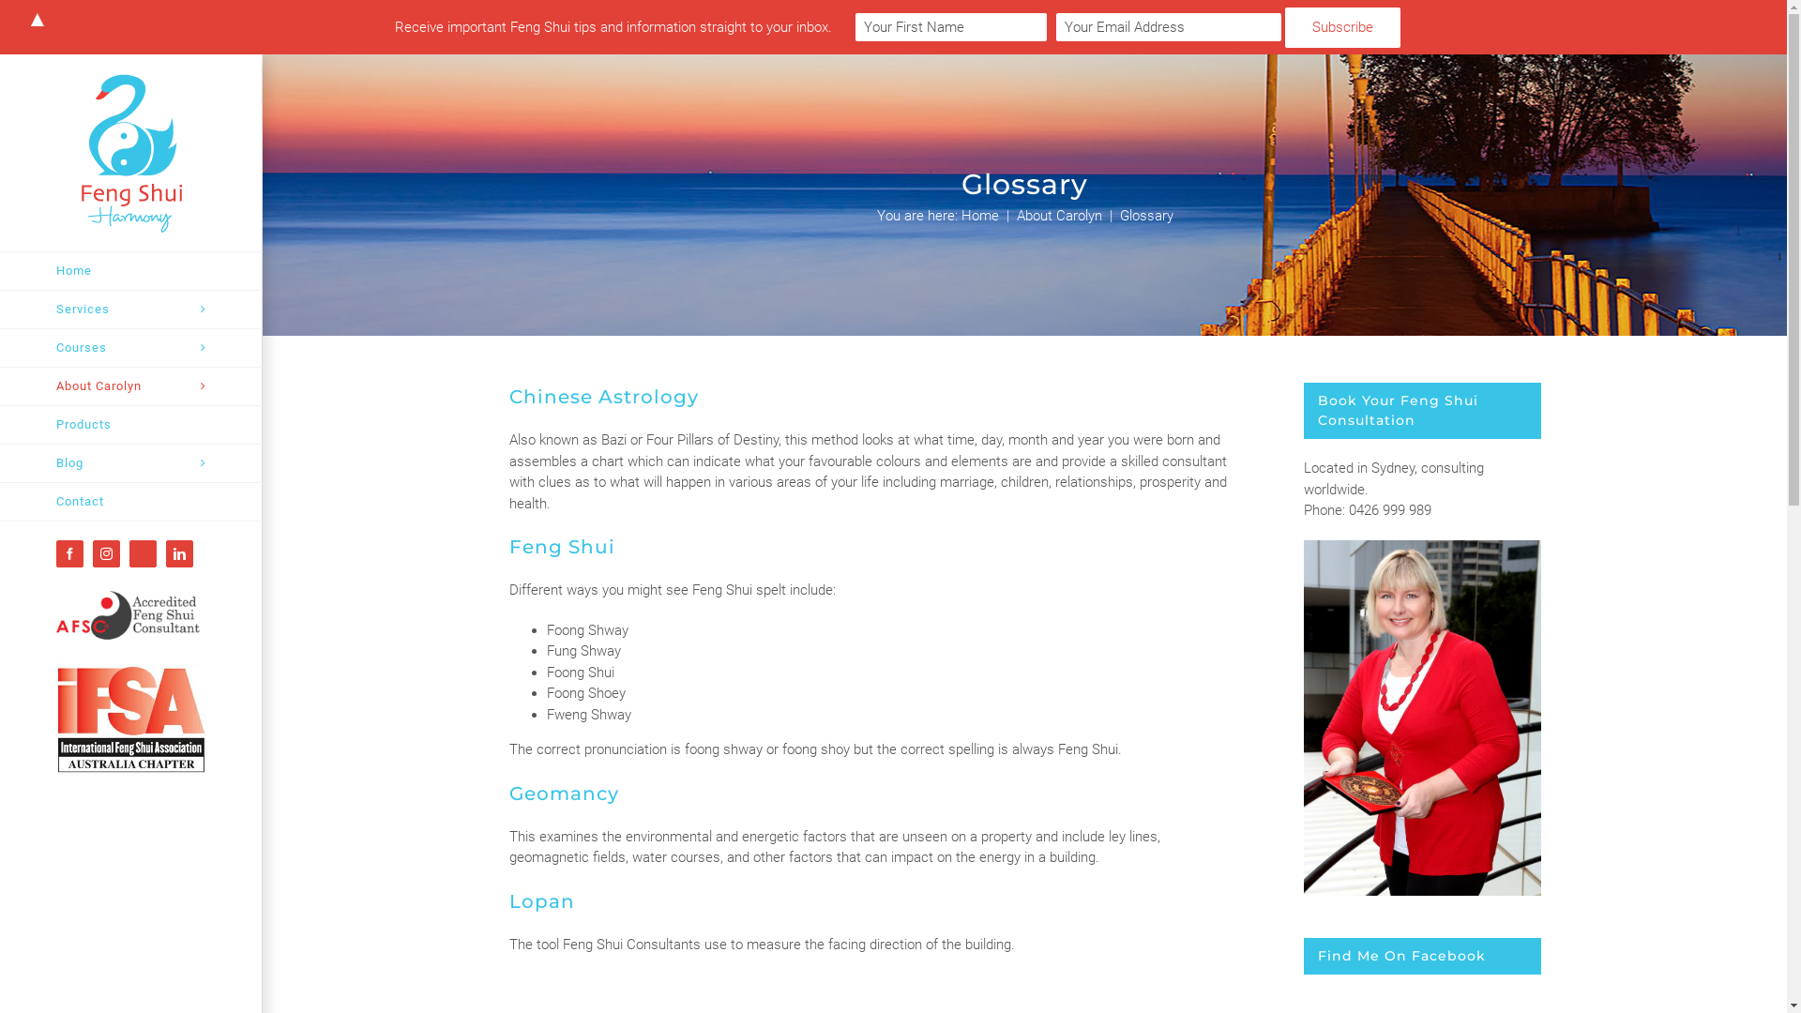 The height and width of the screenshot is (1013, 1801). Describe the element at coordinates (129, 501) in the screenshot. I see `'Contact'` at that location.